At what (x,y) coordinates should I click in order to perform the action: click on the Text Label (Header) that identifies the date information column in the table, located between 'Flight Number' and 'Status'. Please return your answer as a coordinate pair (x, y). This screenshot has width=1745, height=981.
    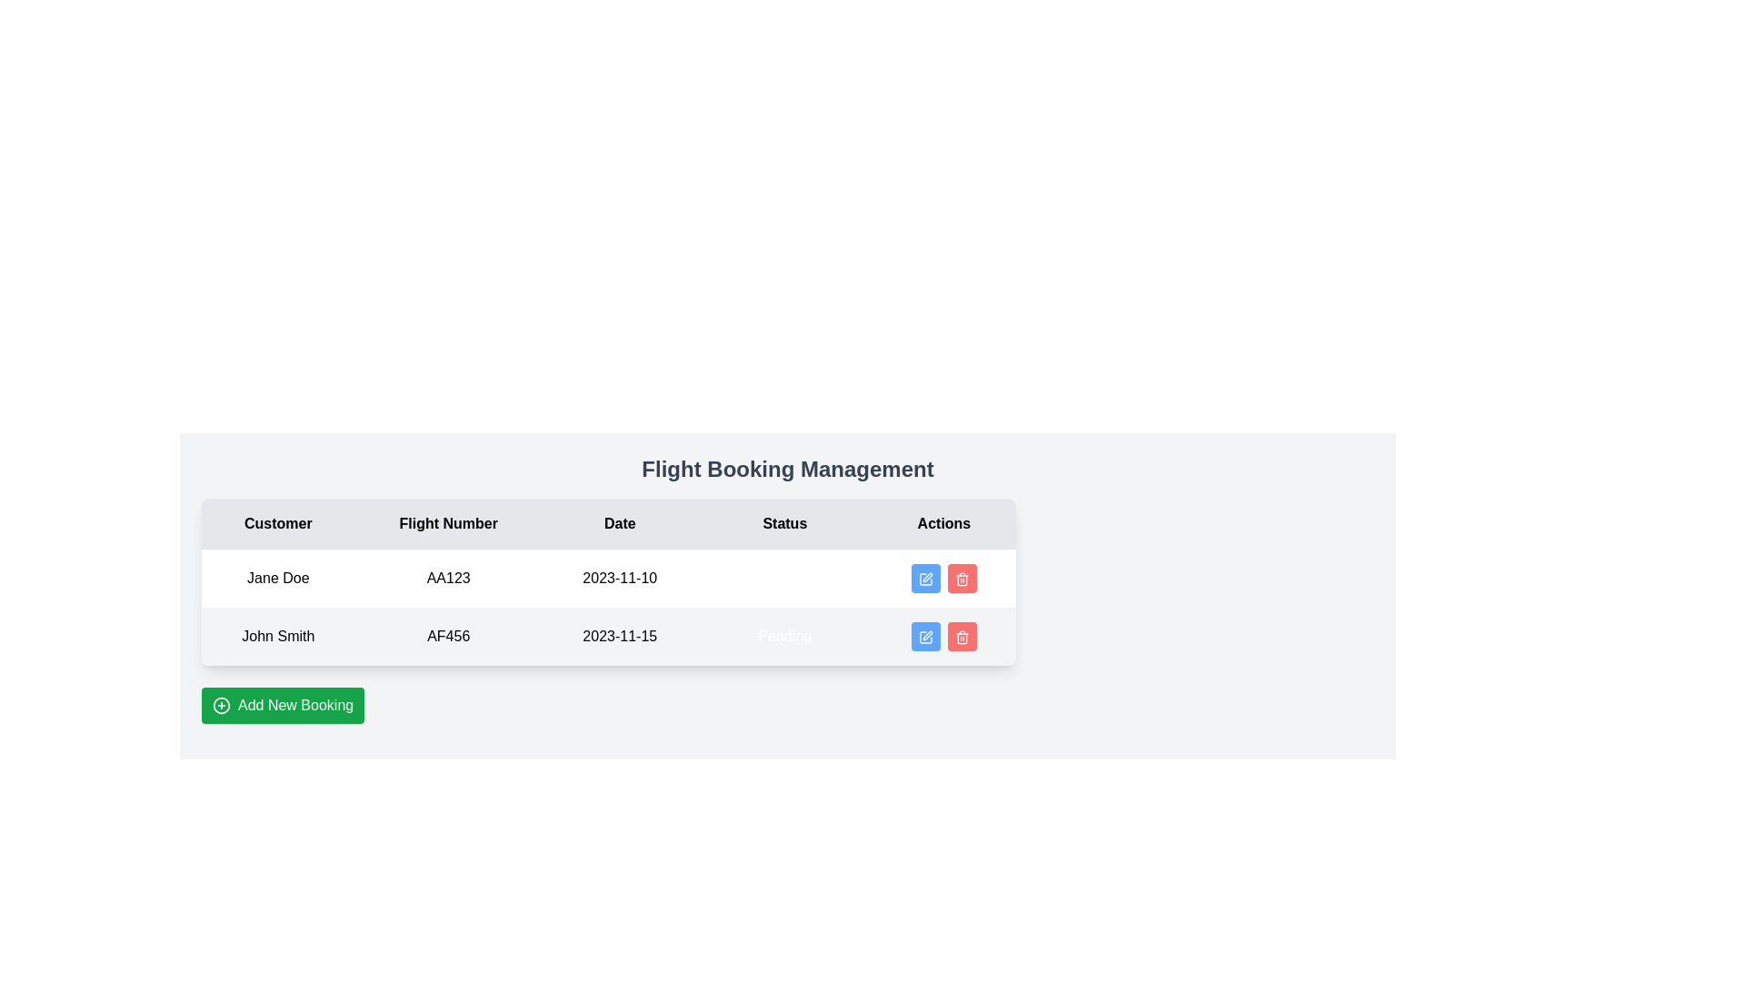
    Looking at the image, I should click on (620, 524).